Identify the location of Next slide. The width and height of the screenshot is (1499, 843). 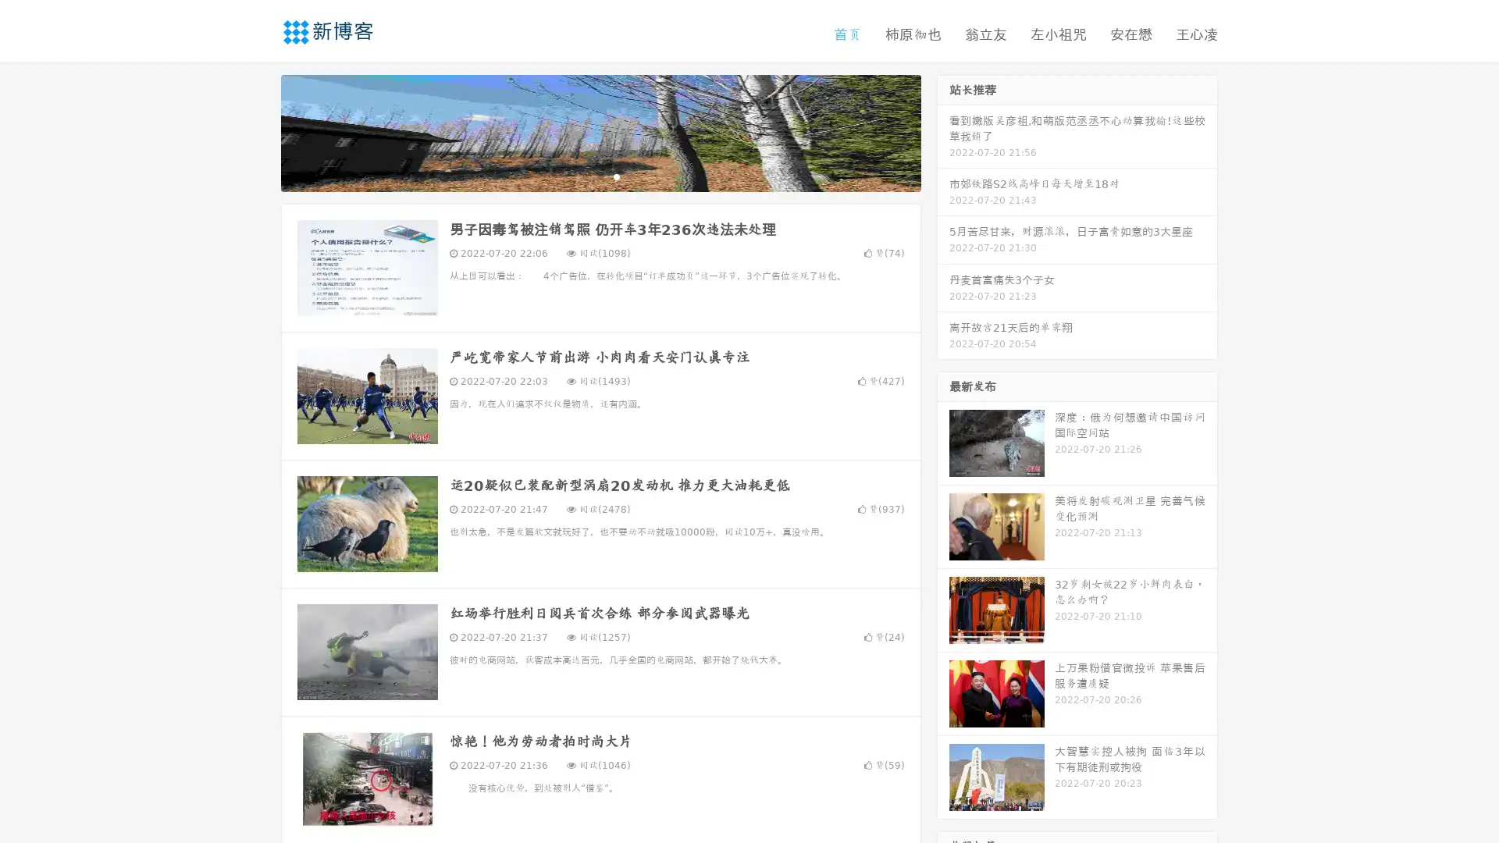
(943, 131).